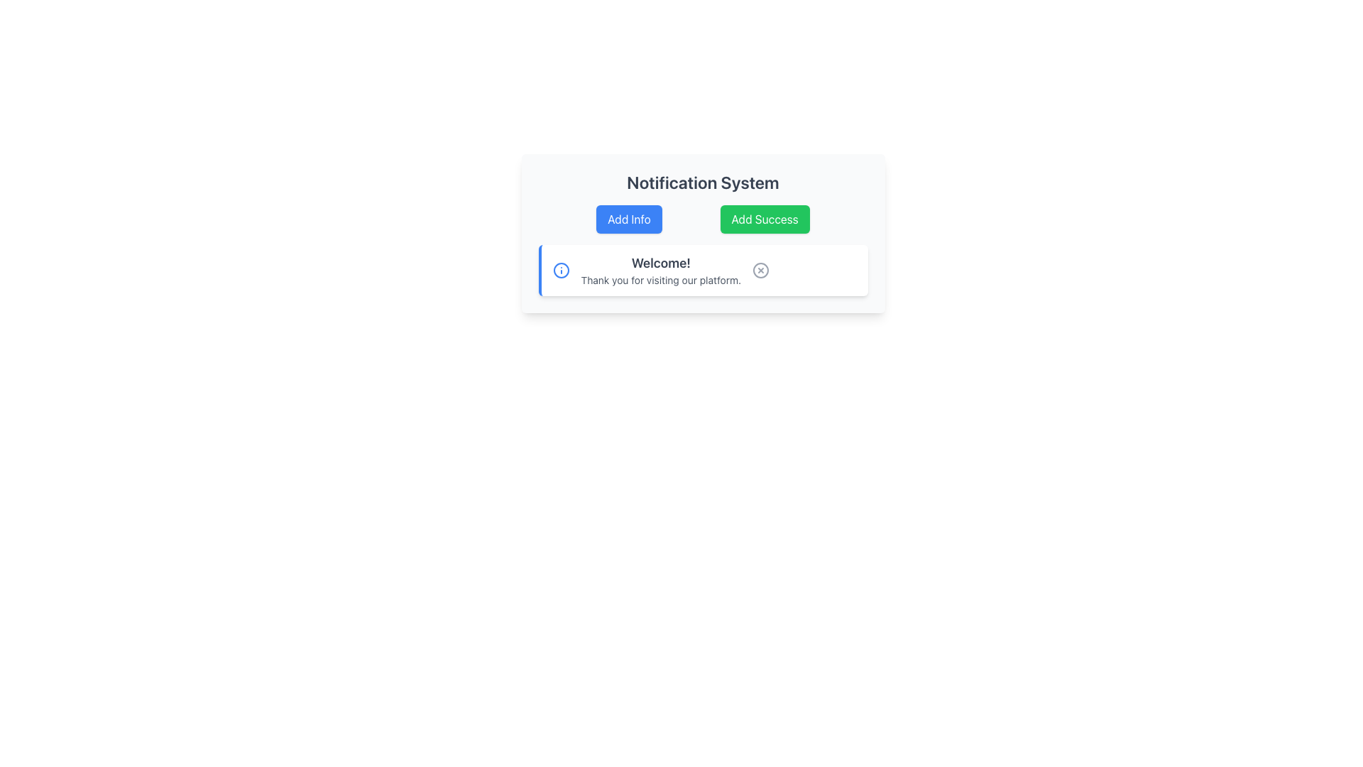  What do you see at coordinates (560, 271) in the screenshot?
I see `the SVG Circle element that is part of the notification bar icon, positioned before the text 'Welcome!'` at bounding box center [560, 271].